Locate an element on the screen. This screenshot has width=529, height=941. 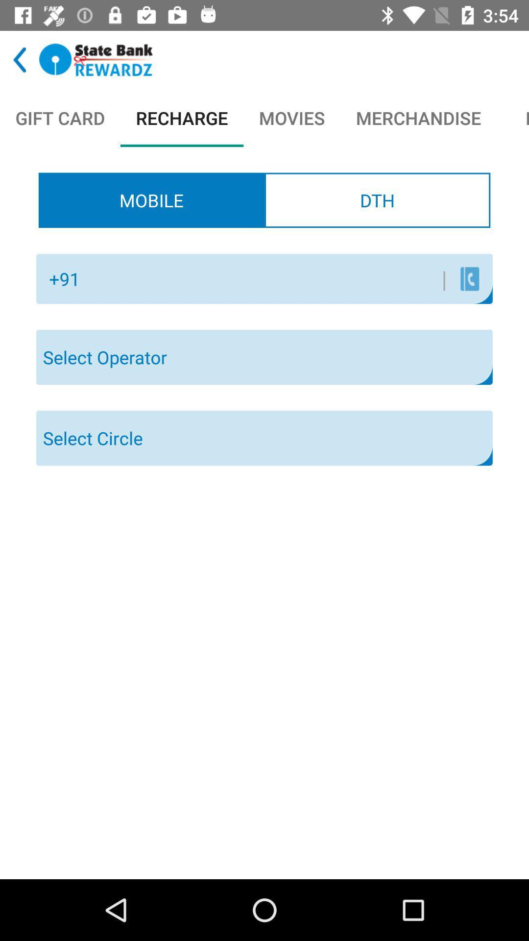
input field phone number is located at coordinates (267, 278).